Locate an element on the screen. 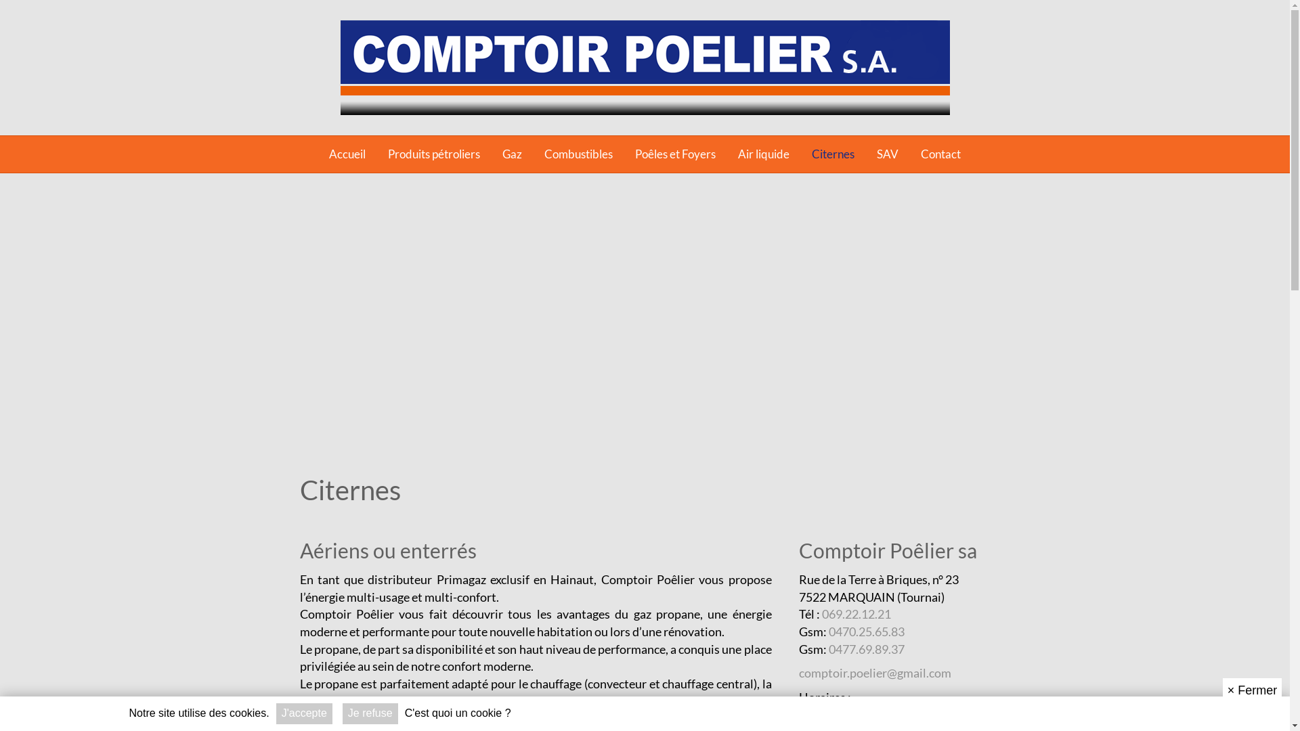  'C'est quoi un cookie ?' is located at coordinates (404, 713).